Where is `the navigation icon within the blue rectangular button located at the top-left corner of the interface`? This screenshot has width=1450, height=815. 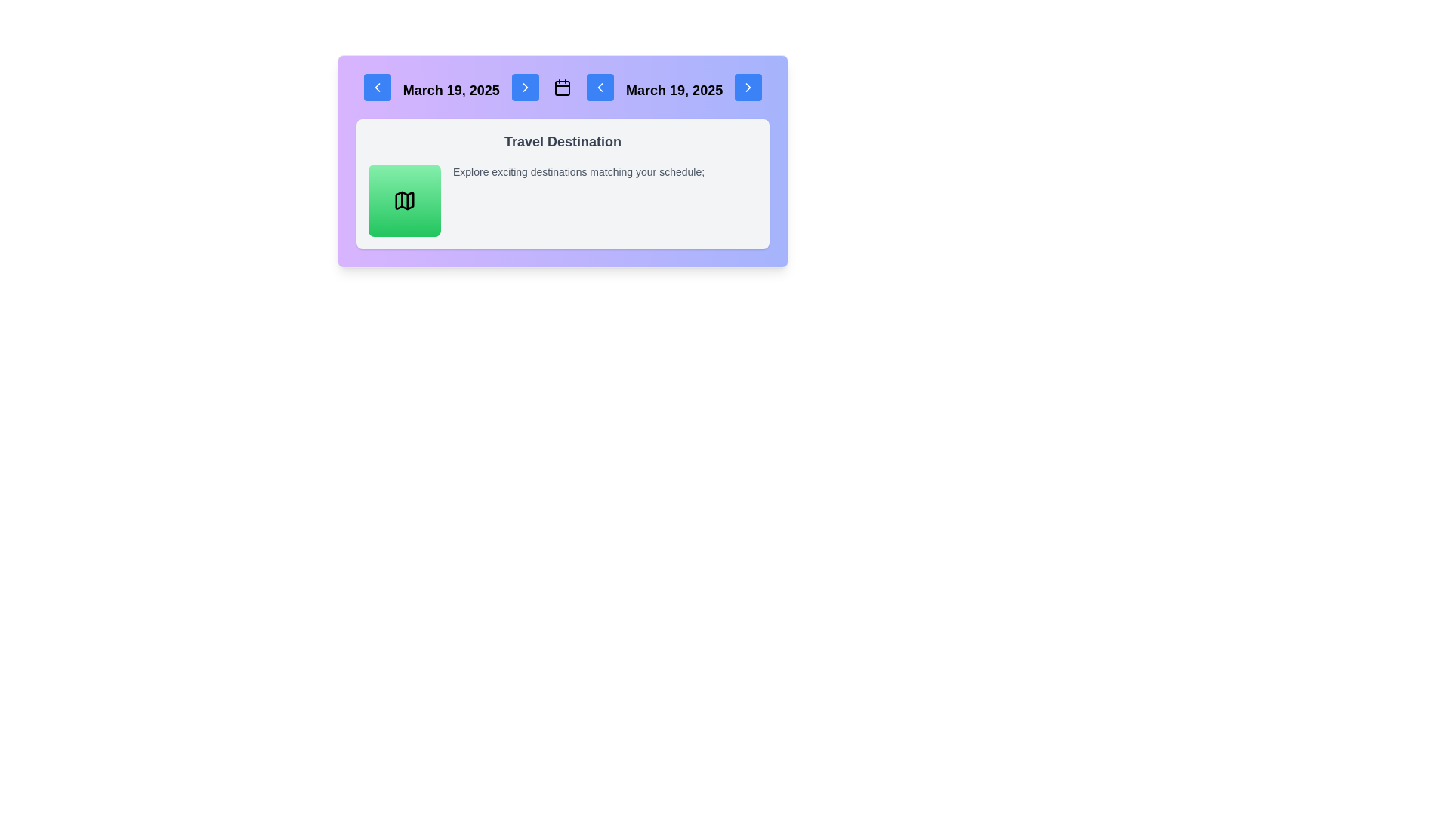 the navigation icon within the blue rectangular button located at the top-left corner of the interface is located at coordinates (377, 87).